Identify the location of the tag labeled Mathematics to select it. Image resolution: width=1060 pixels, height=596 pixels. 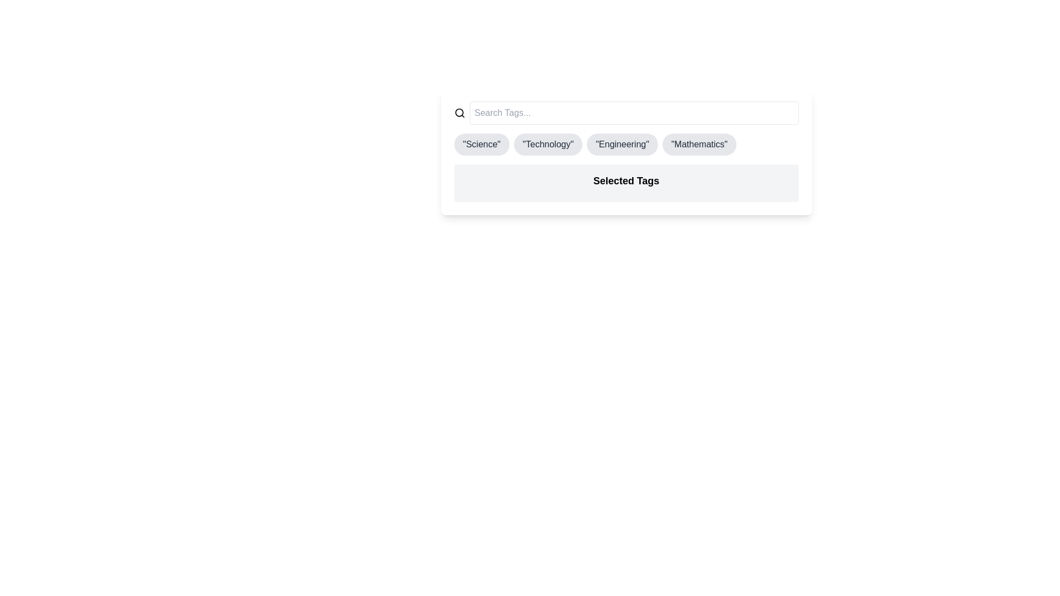
(699, 144).